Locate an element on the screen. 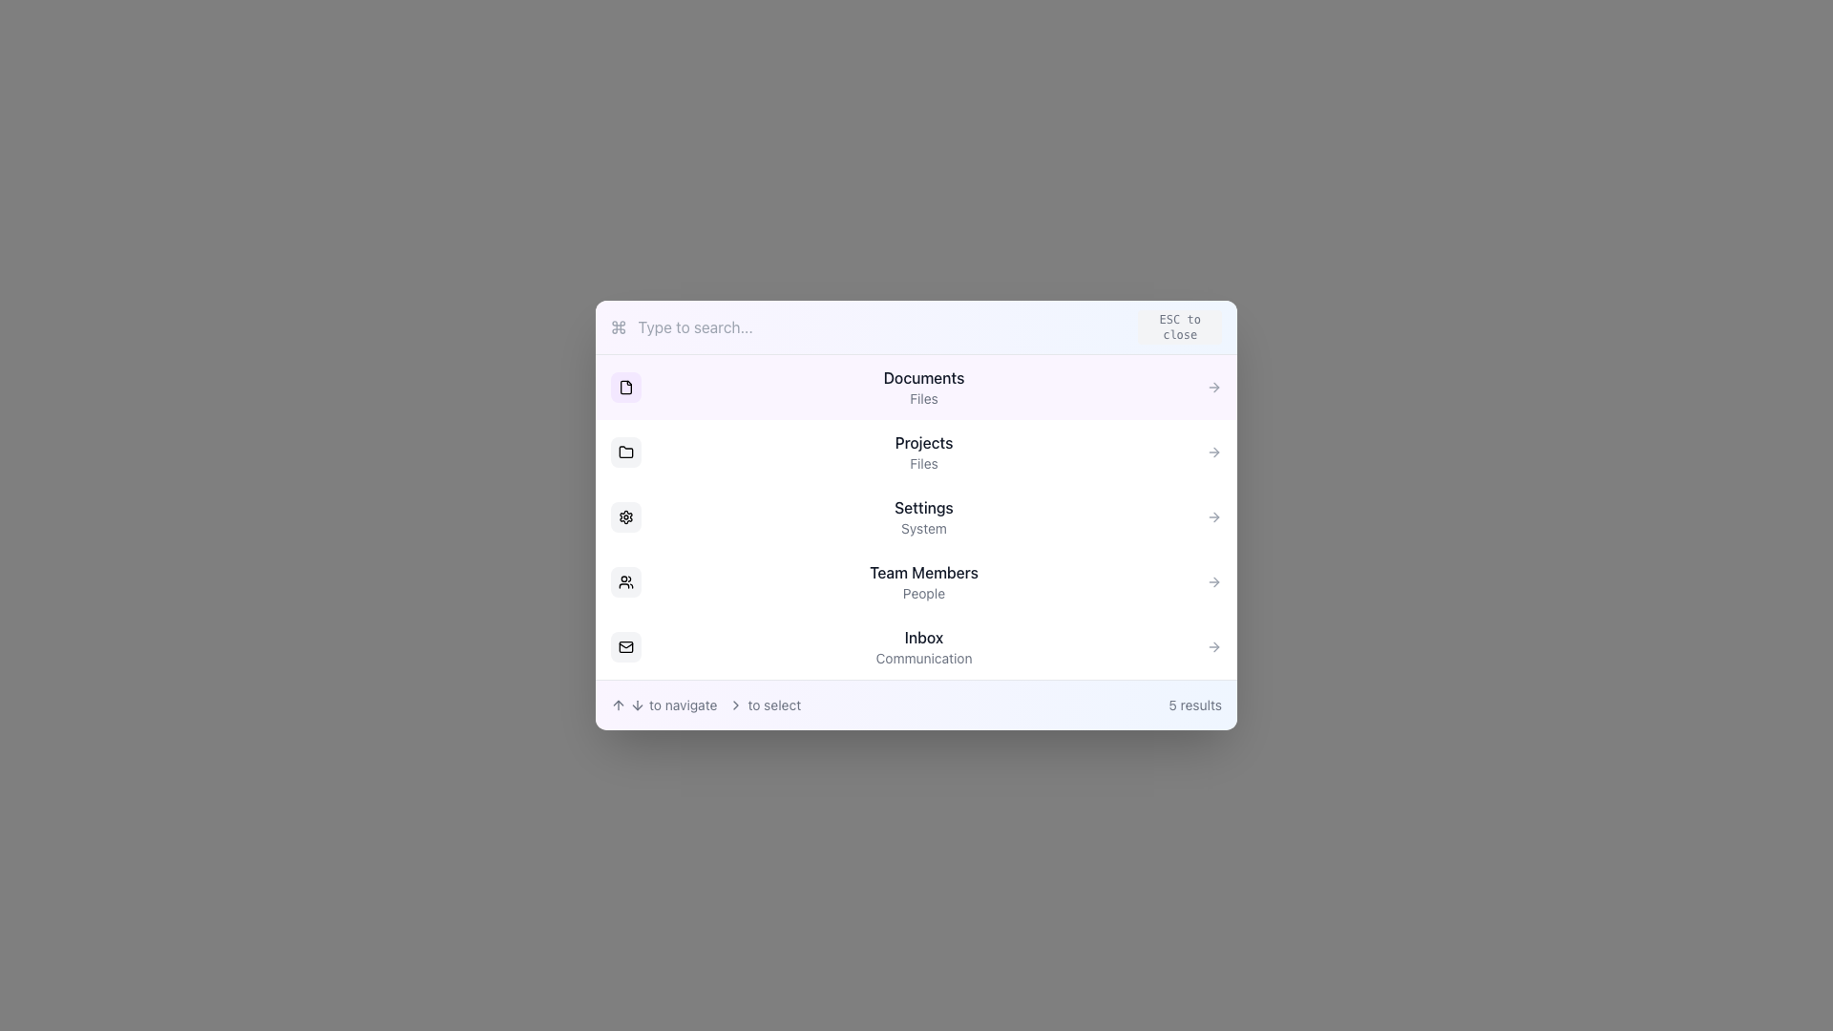 The image size is (1833, 1031). the 'Projects' and 'Files' text label within the second option of the vertical list for keyboard navigation is located at coordinates (924, 452).